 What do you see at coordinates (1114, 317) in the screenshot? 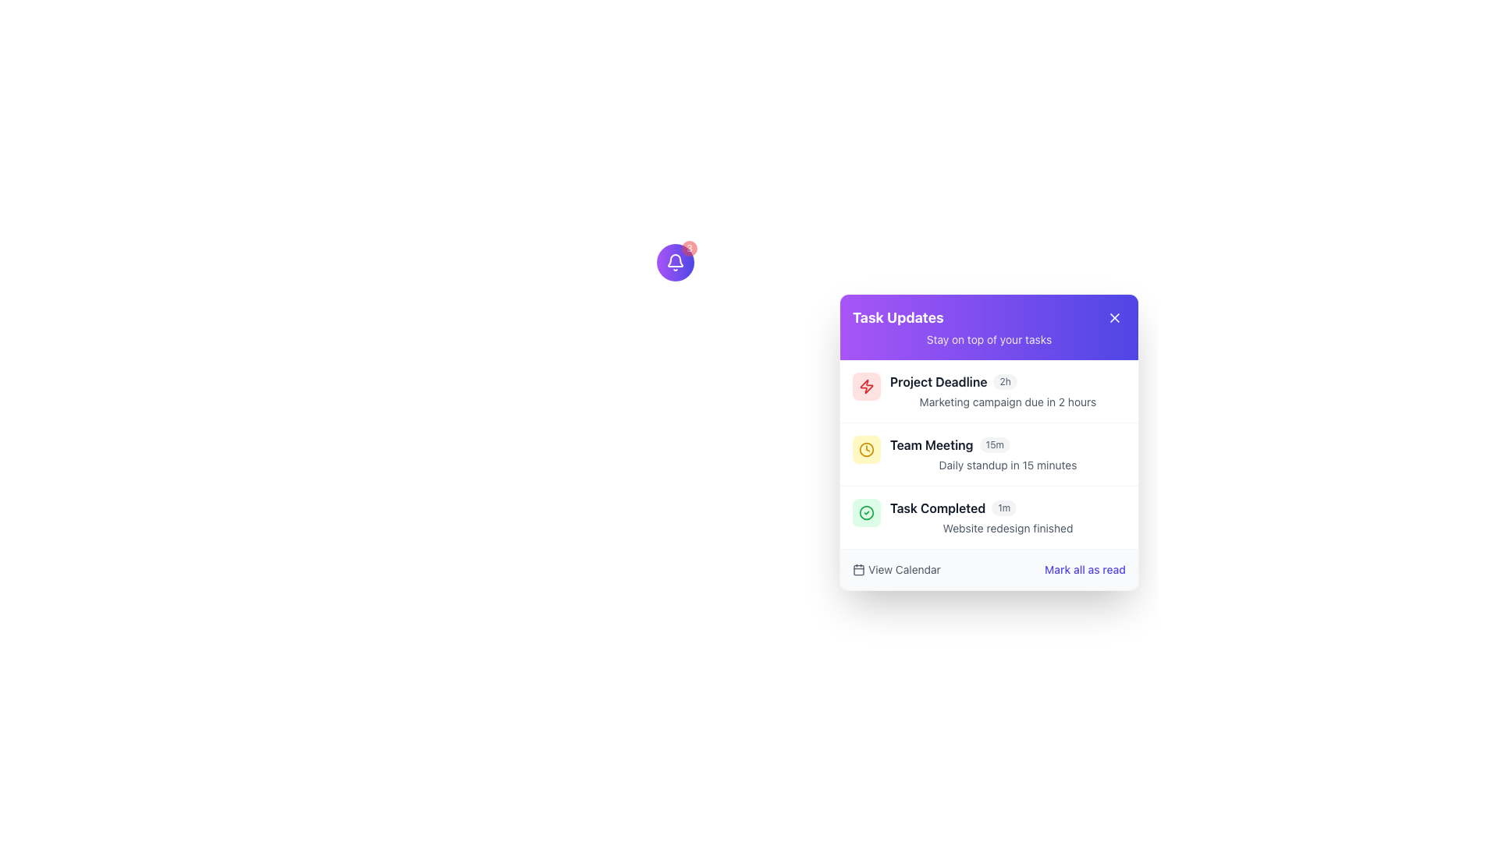
I see `the close button icon in the shape of a diagonal cross (X) located in the top-right corner of the notification panel` at bounding box center [1114, 317].